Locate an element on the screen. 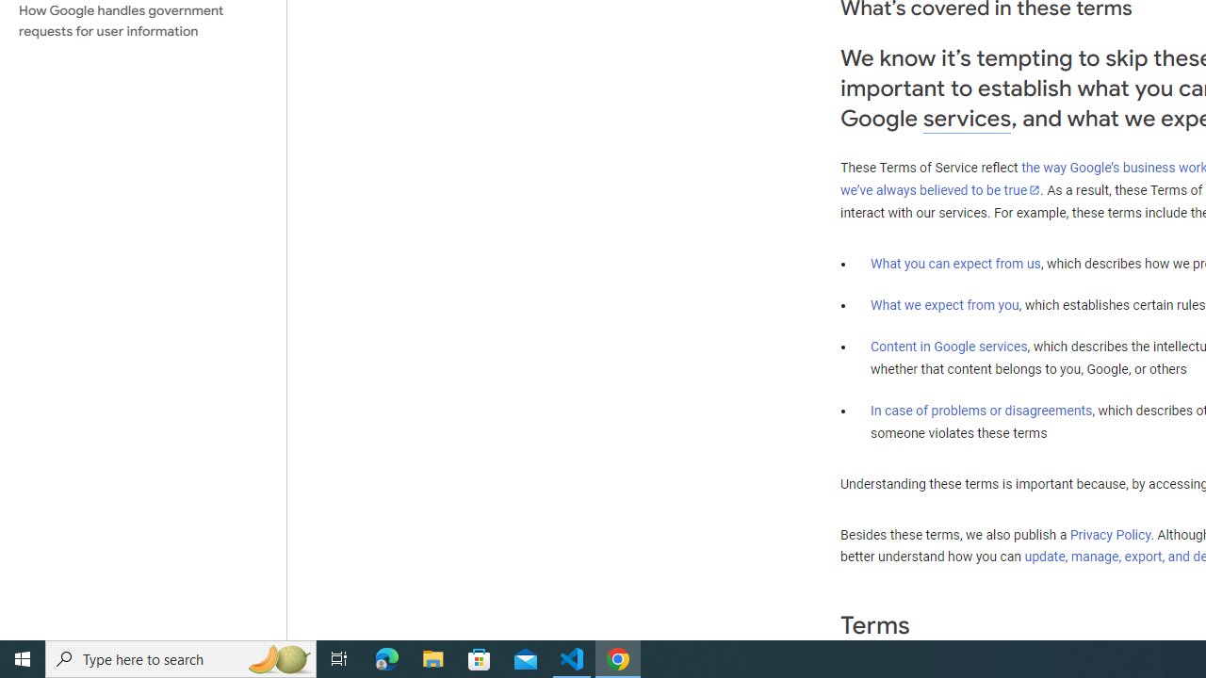 The width and height of the screenshot is (1206, 678). 'What we expect from you' is located at coordinates (944, 304).